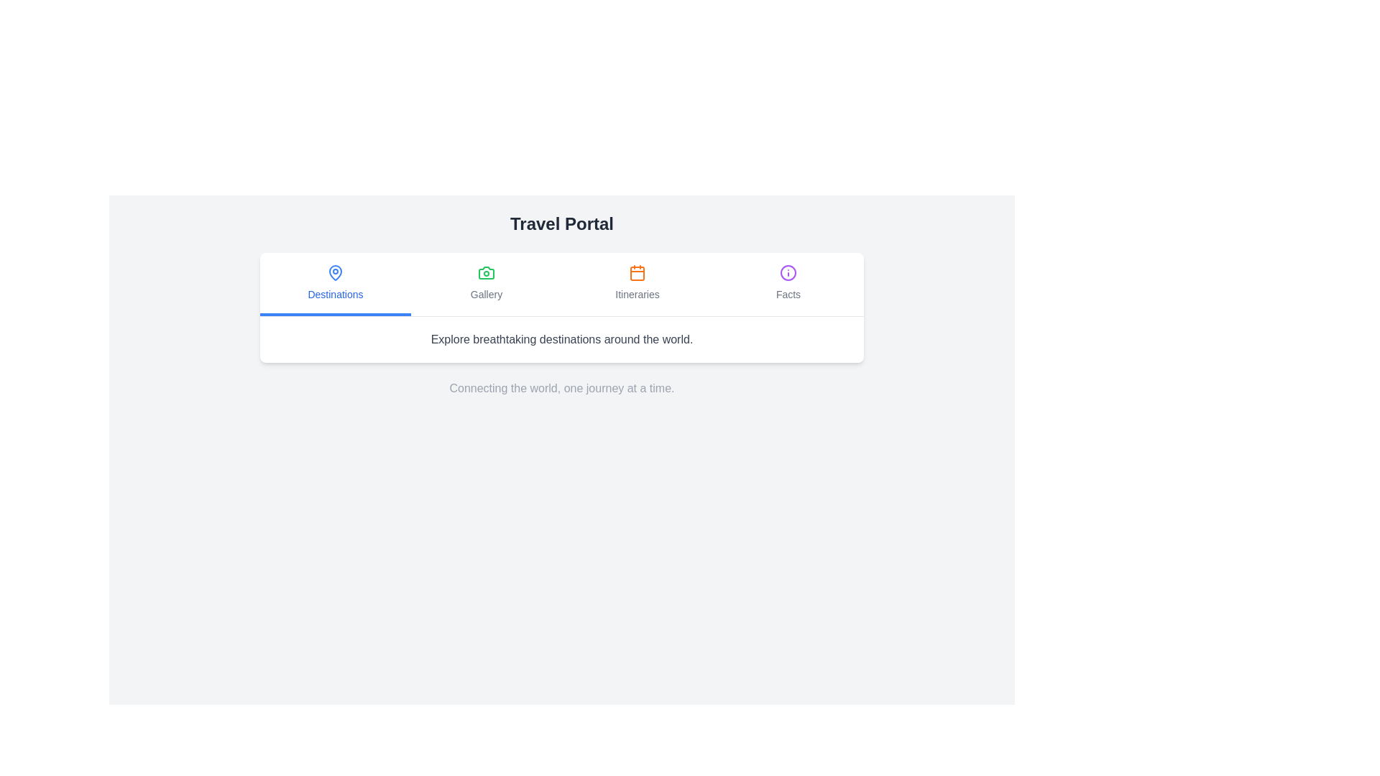 The image size is (1380, 776). I want to click on the green camera icon and 'Gallery' text in the navigation menu, which is the second item positioned between 'Destinations' and 'Itineraries', so click(486, 282).